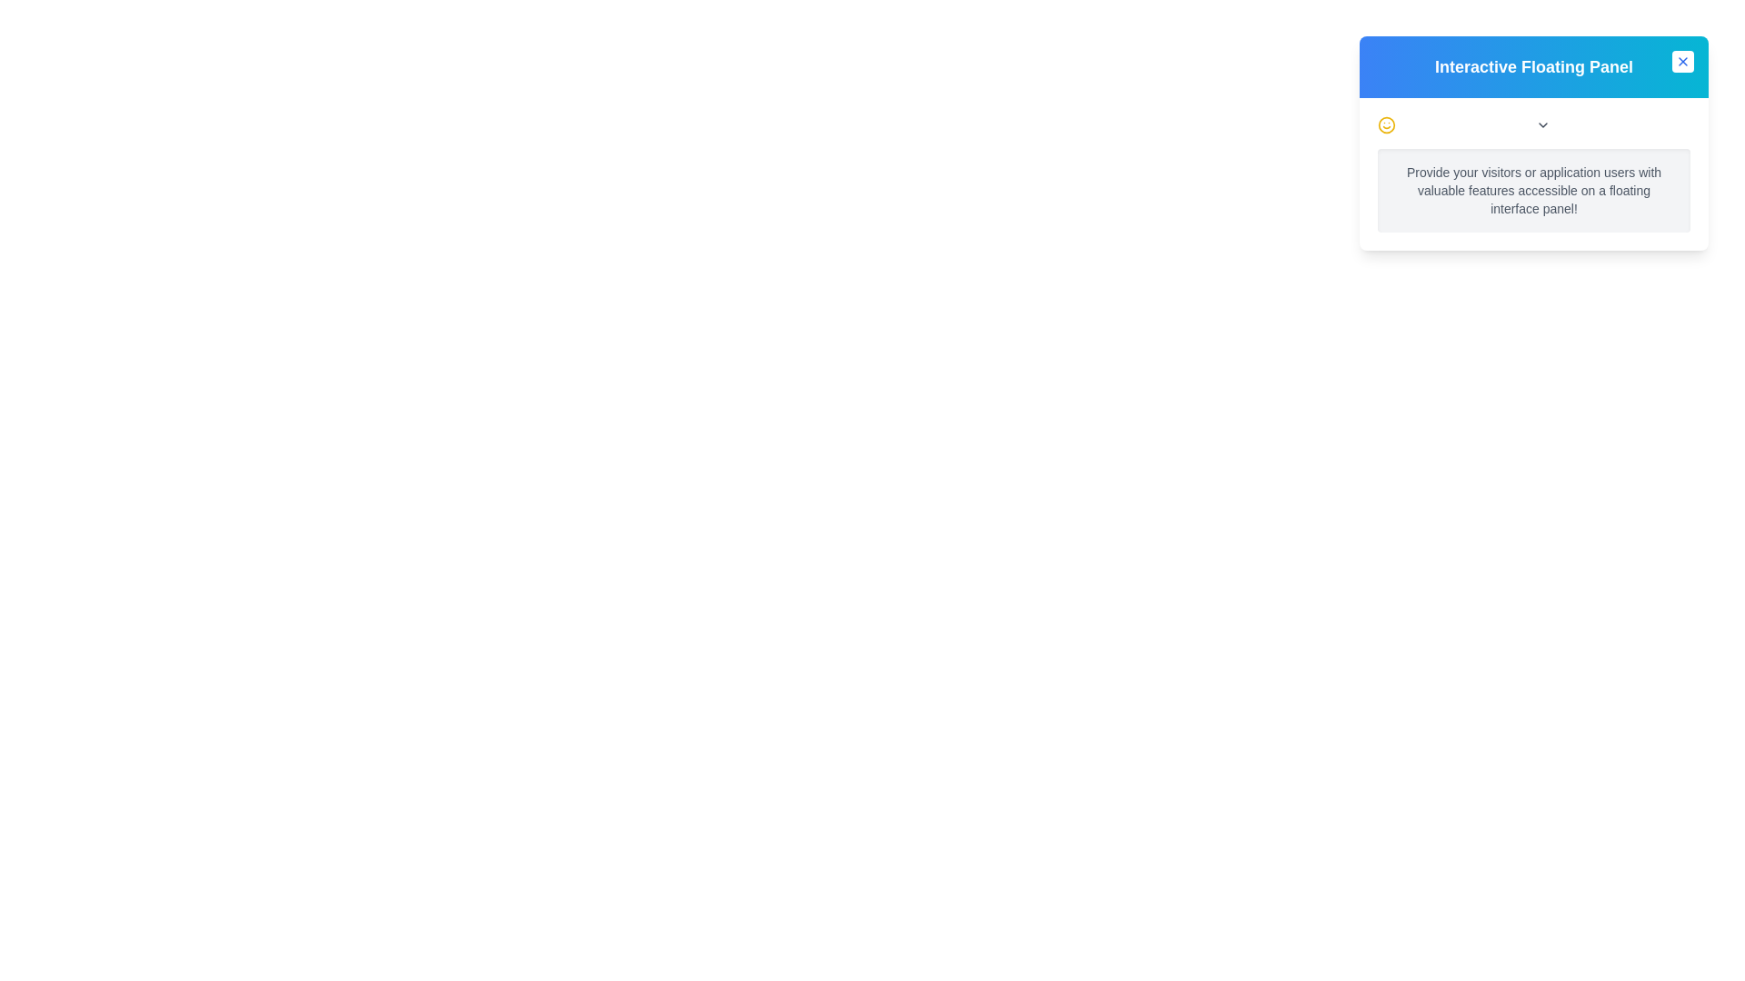  Describe the element at coordinates (1533, 174) in the screenshot. I see `the text block displaying 'Provide your visitors or application users with valuable features accessible on a floating interface panel!' which is located within the floating interface panel beneath the heading 'Interactive Floating Panel'` at that location.